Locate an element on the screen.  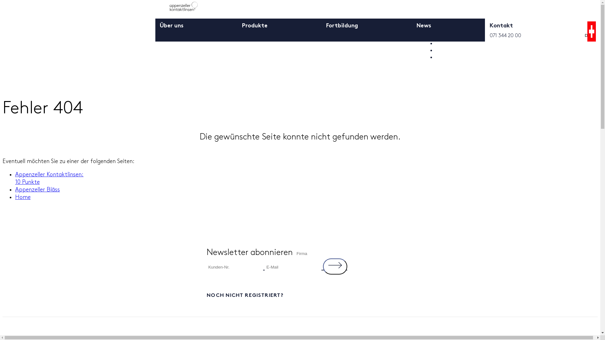
'INSTAGRAM' is located at coordinates (547, 78).